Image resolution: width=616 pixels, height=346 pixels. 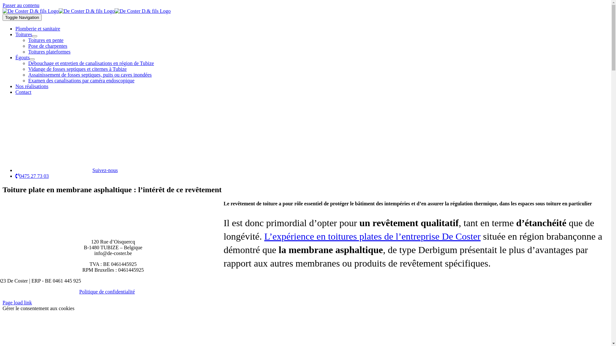 What do you see at coordinates (15, 176) in the screenshot?
I see `'0475 27 73 03'` at bounding box center [15, 176].